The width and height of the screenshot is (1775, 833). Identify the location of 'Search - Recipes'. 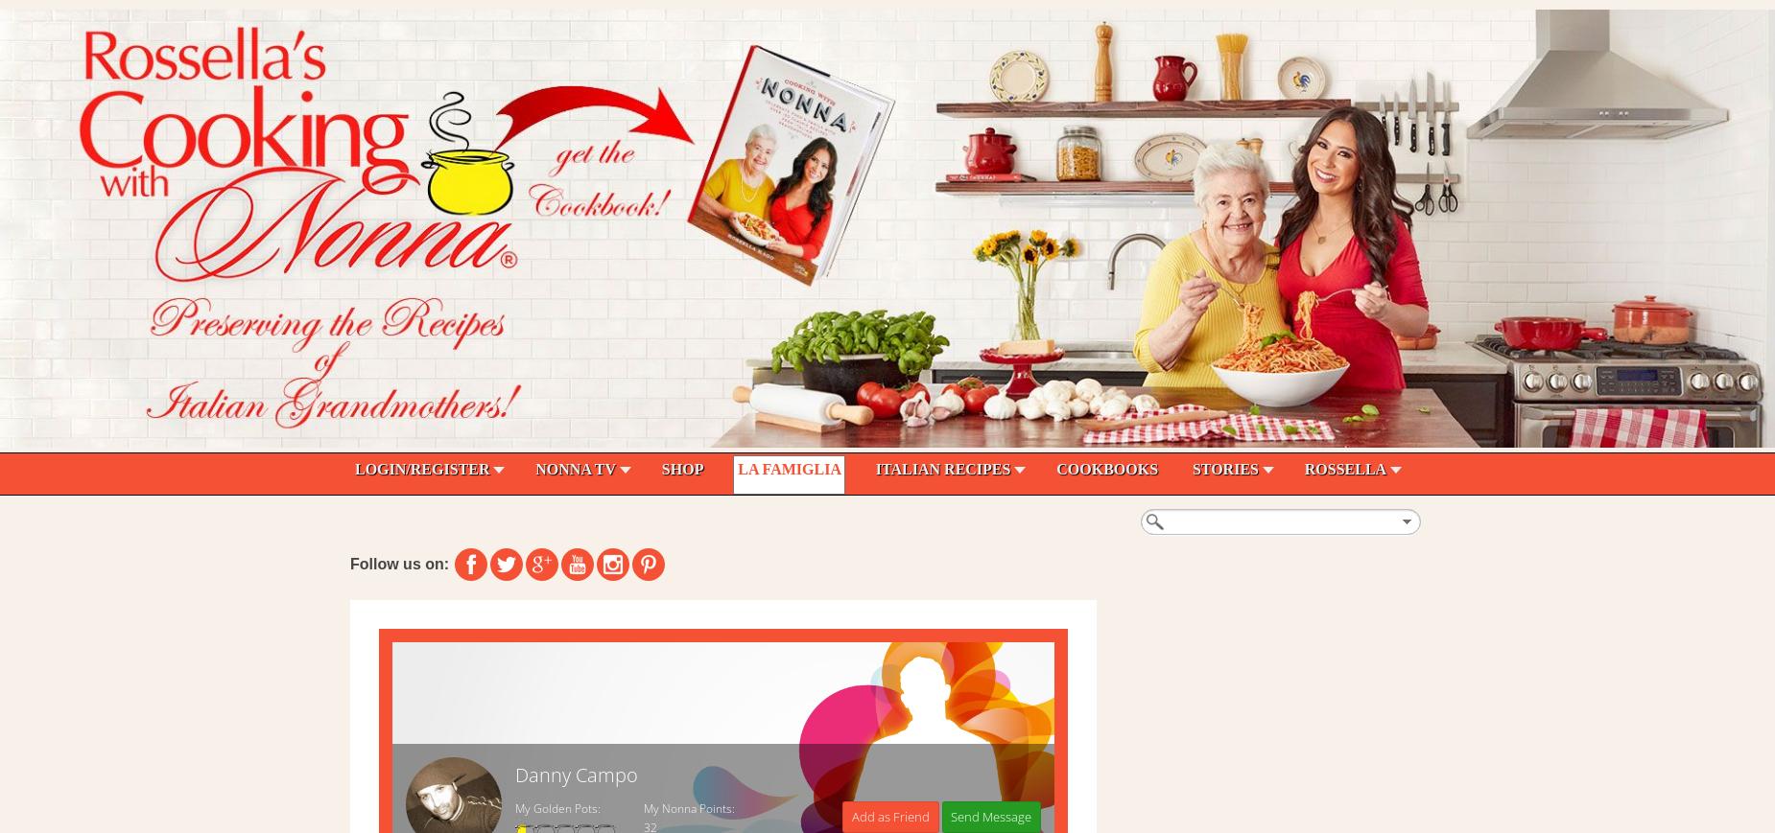
(415, 460).